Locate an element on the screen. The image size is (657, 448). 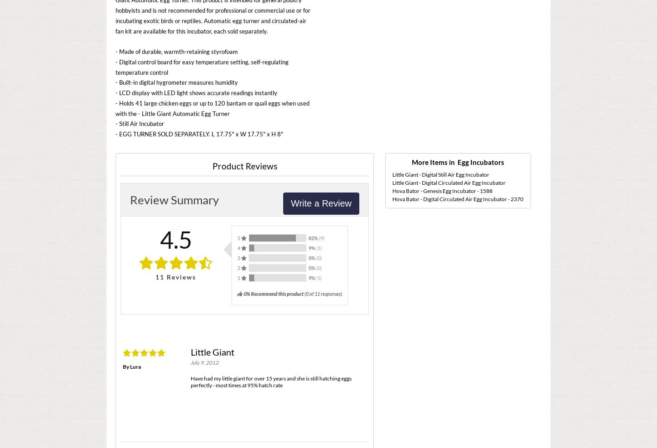
'11' is located at coordinates (159, 277).